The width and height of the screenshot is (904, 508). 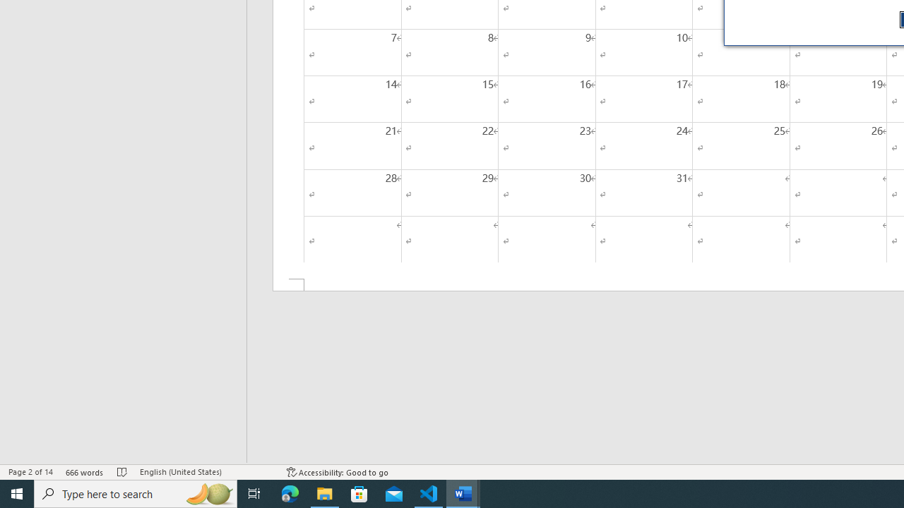 What do you see at coordinates (136, 492) in the screenshot?
I see `'Type here to search'` at bounding box center [136, 492].